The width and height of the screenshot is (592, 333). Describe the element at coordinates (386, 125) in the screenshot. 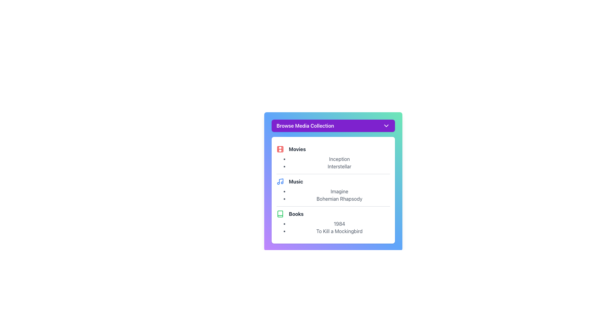

I see `the Icon Button displaying a downward-pointing chevron symbol` at that location.